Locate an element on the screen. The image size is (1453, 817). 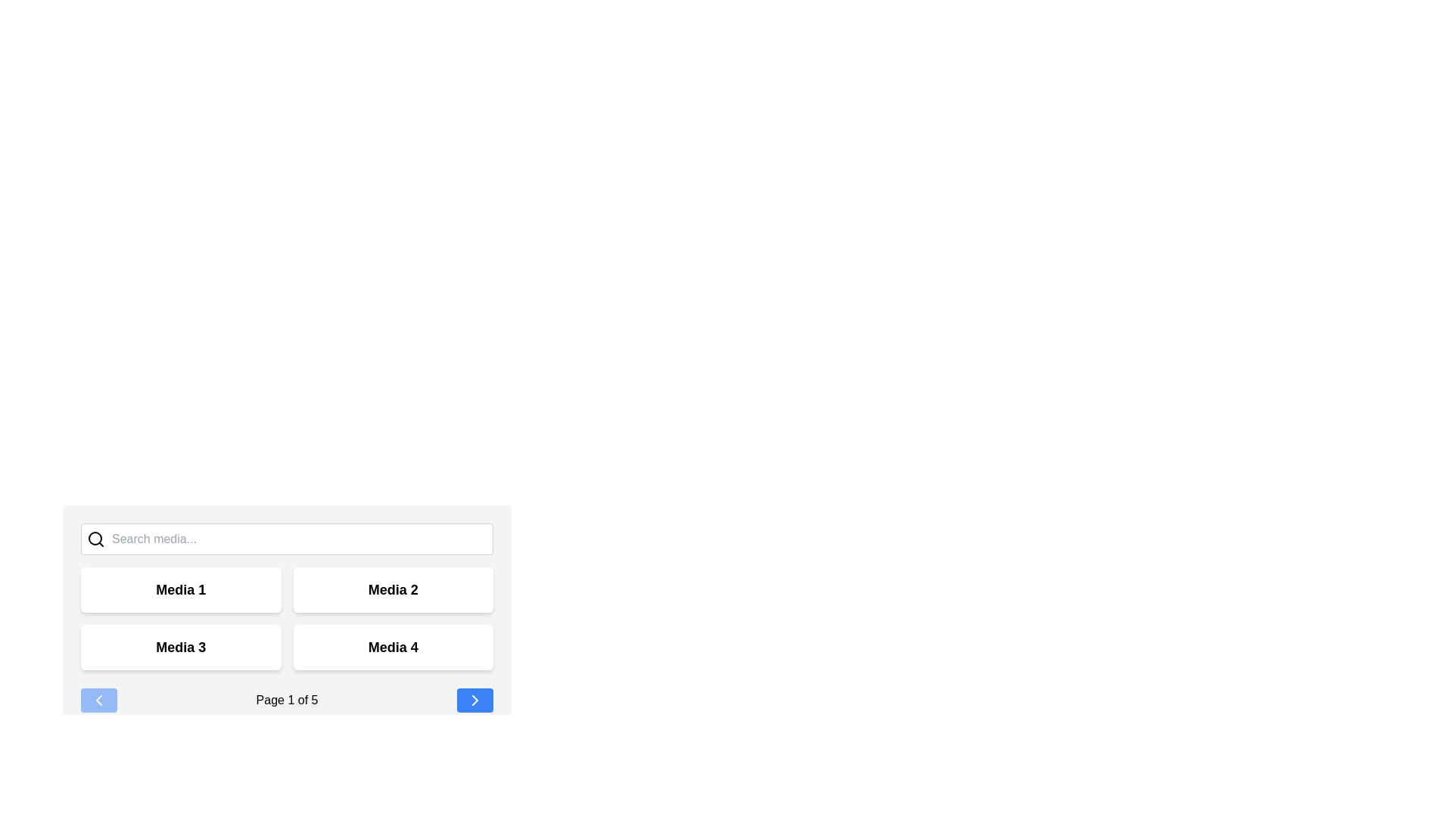
the navigation button located to the right of the text 'Page 1 of 5' is located at coordinates (474, 700).